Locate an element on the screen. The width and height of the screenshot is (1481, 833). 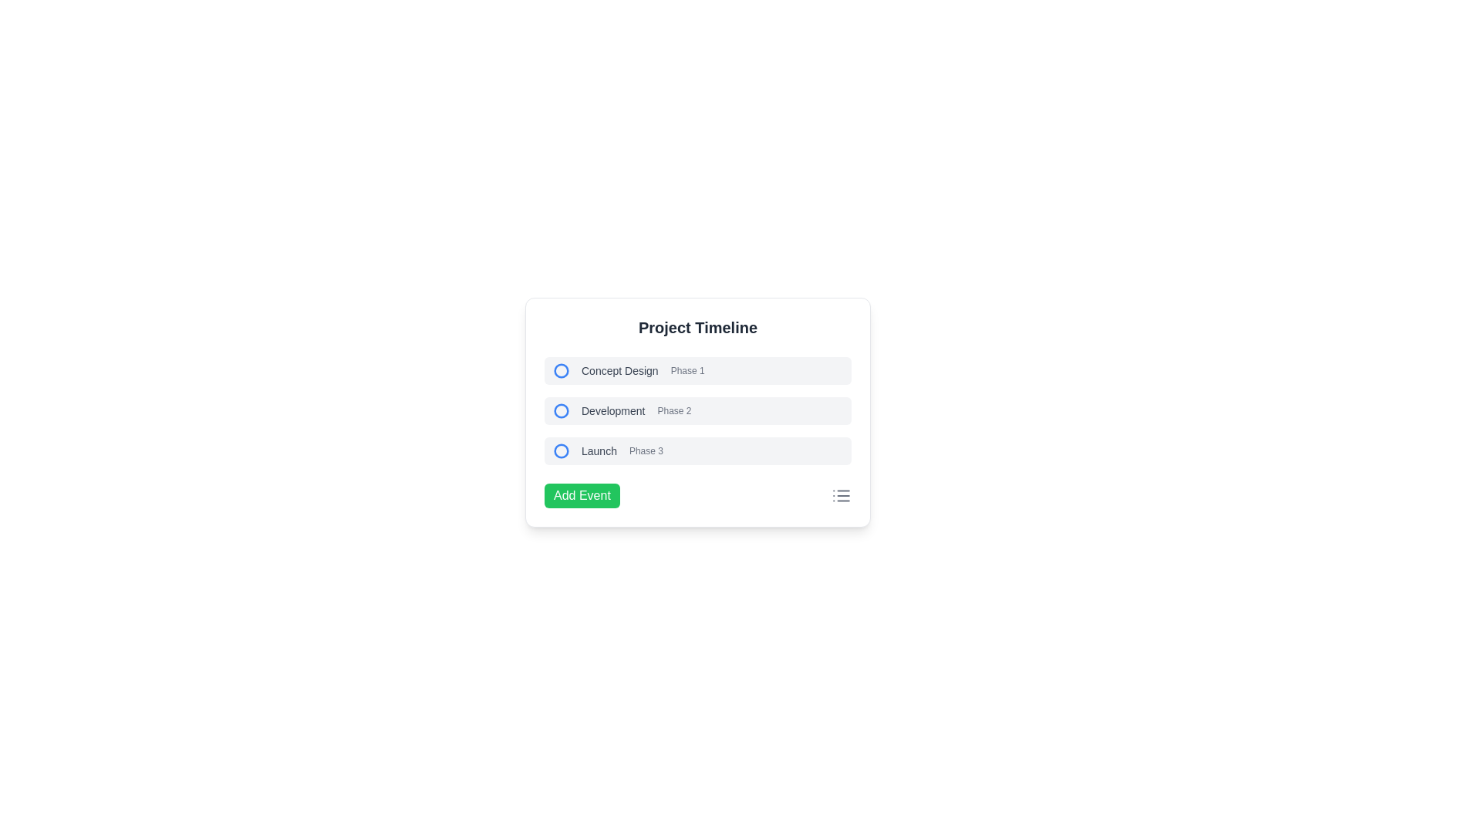
the static text element displaying 'Launch' which is part of the 'Launch Phase 3' group, located to the right of a blue circular icon and above the smaller text 'Phase 3' is located at coordinates (599, 451).